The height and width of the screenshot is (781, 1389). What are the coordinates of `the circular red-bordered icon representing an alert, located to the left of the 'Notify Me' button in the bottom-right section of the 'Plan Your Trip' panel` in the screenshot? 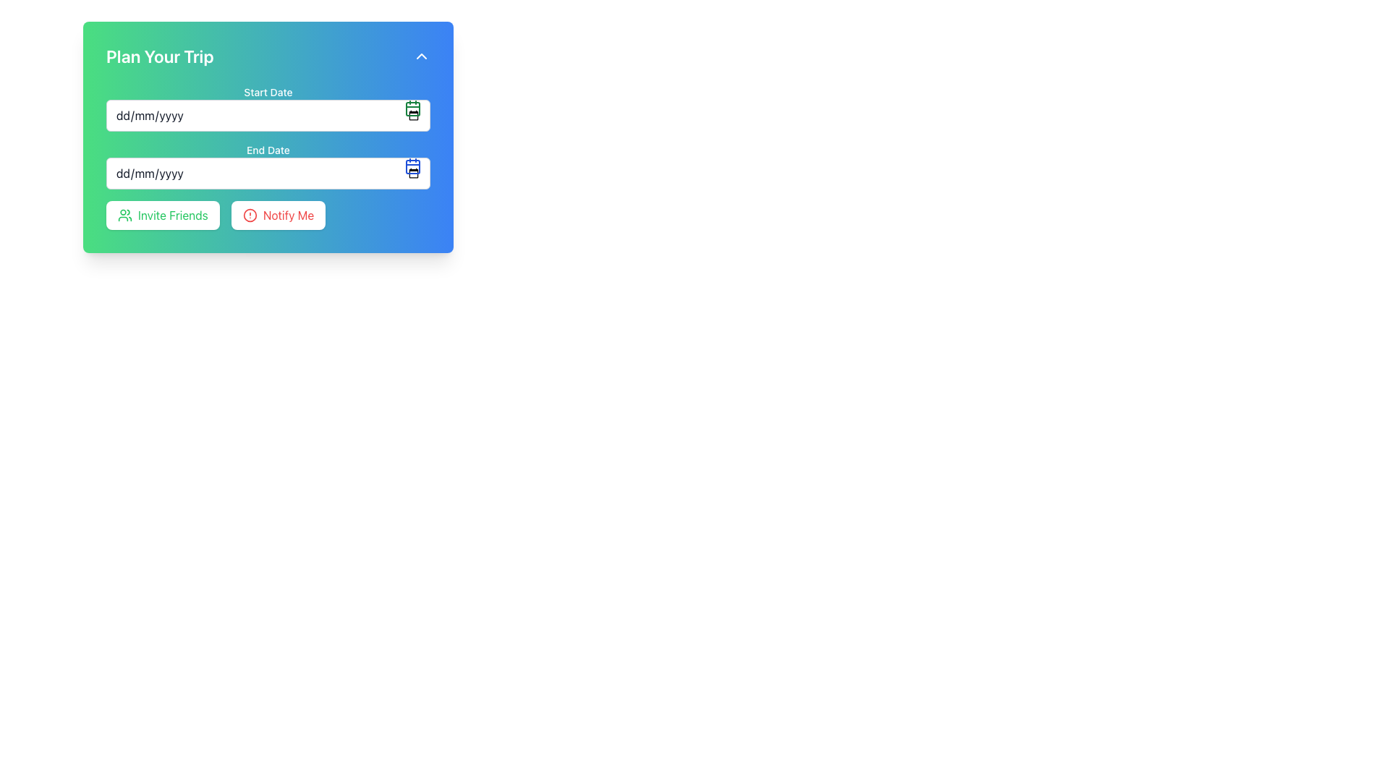 It's located at (250, 215).